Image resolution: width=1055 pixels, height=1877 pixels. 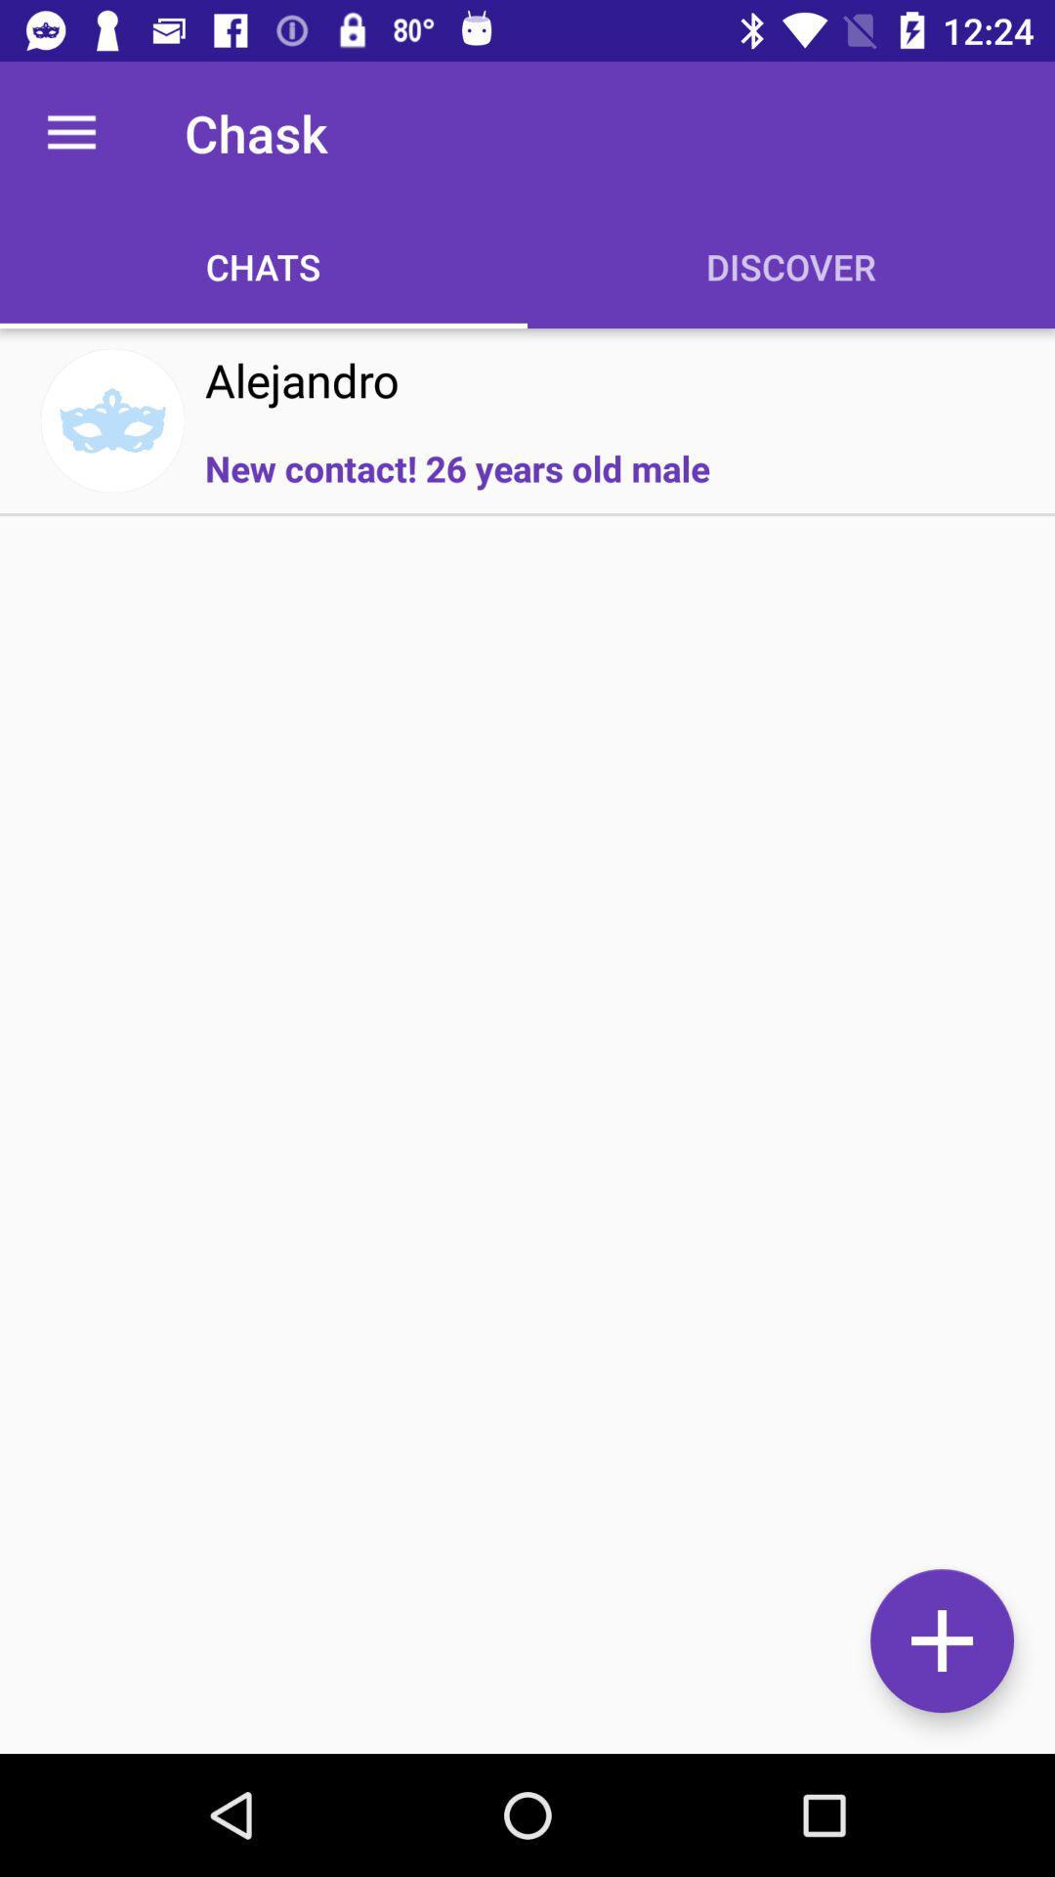 I want to click on item next to alejandro item, so click(x=112, y=419).